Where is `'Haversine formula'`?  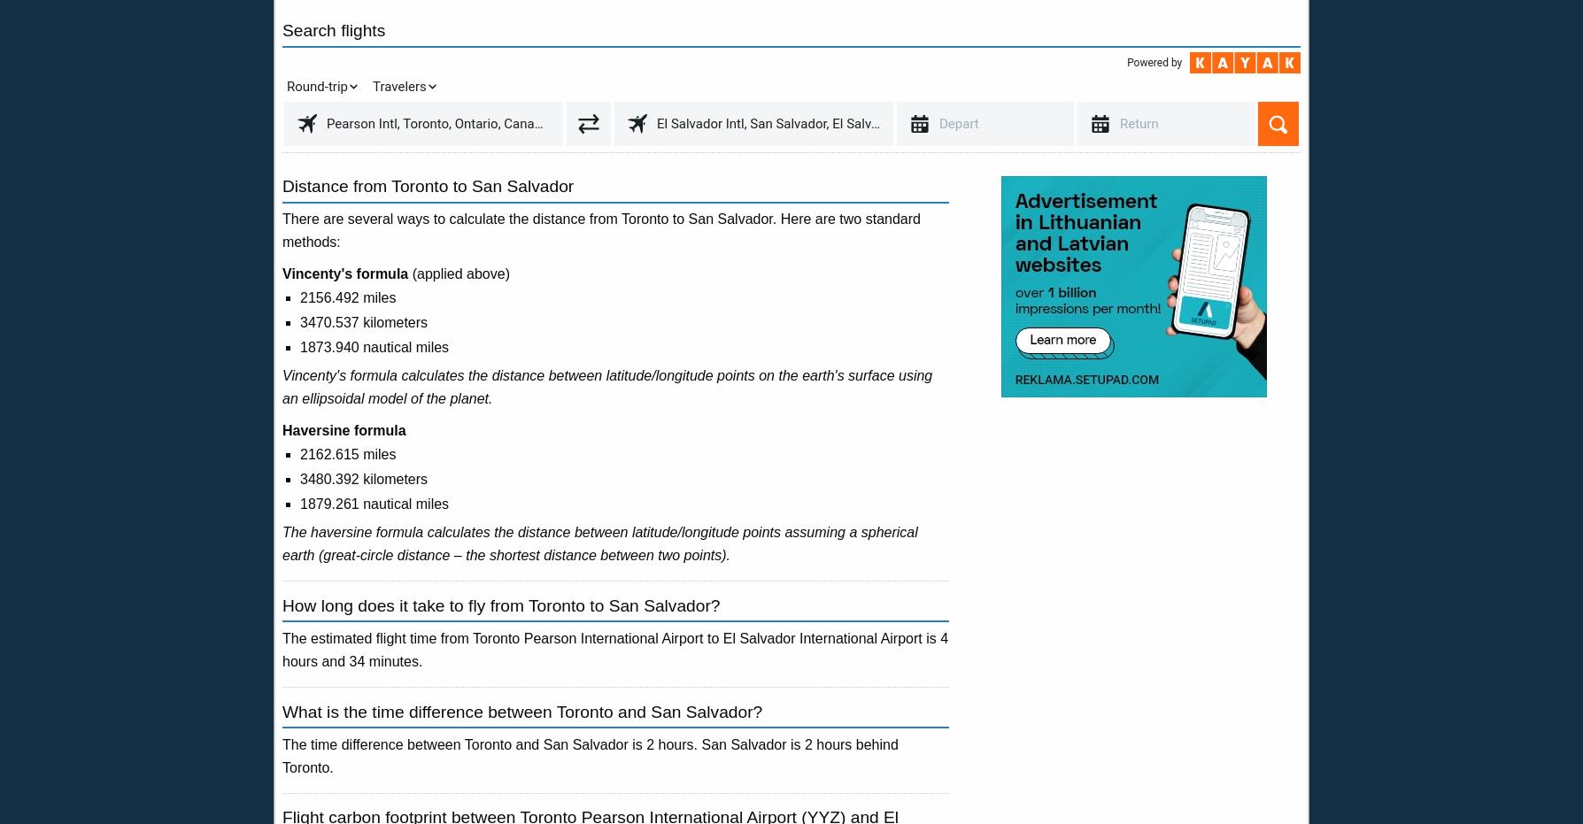
'Haversine formula' is located at coordinates (281, 430).